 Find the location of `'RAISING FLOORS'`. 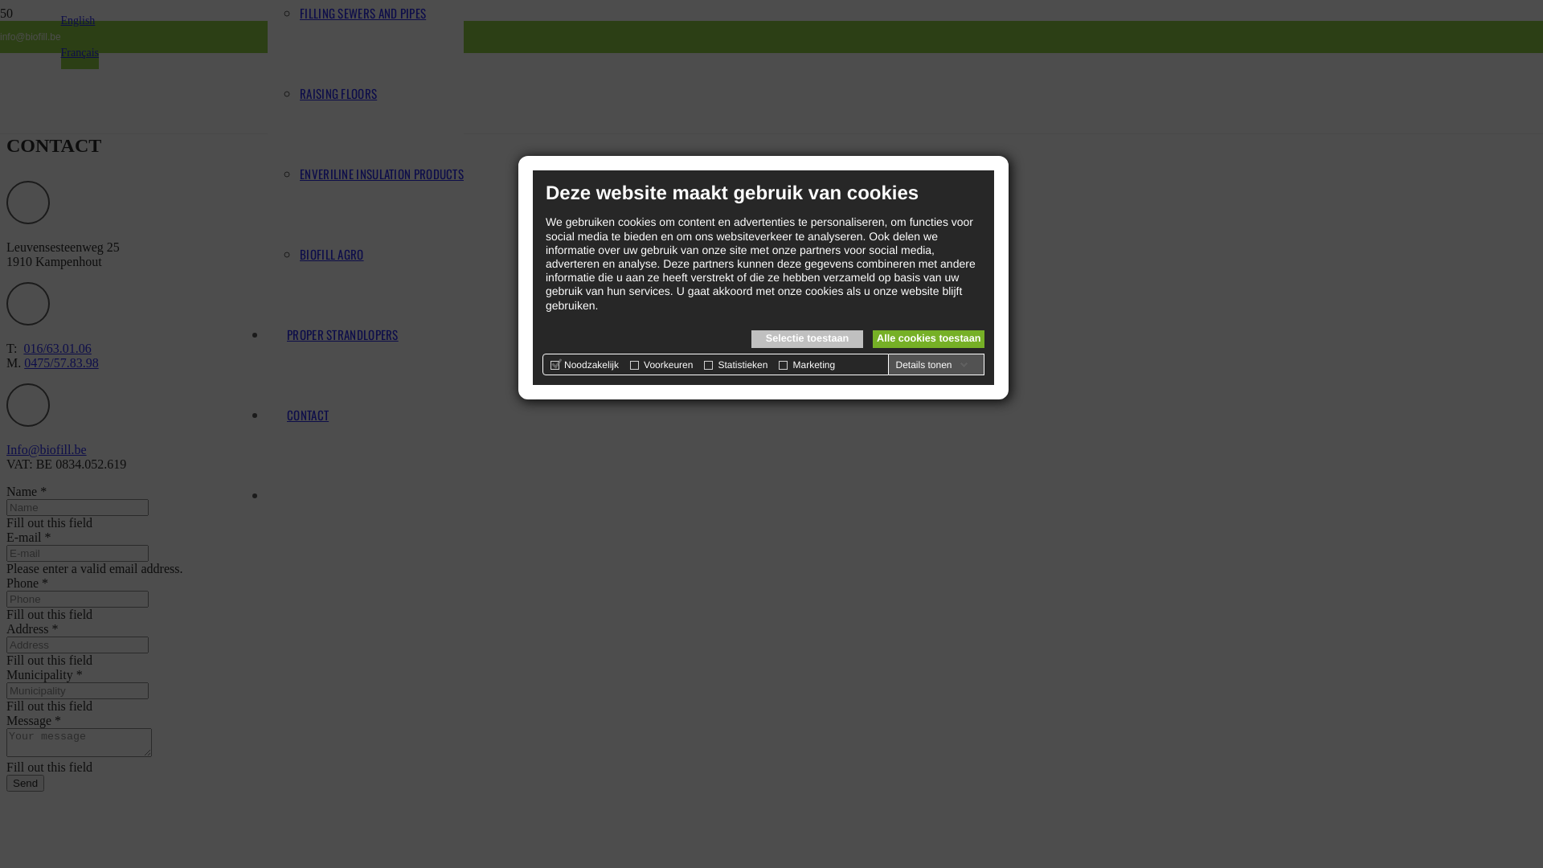

'RAISING FLOORS' is located at coordinates (300, 92).